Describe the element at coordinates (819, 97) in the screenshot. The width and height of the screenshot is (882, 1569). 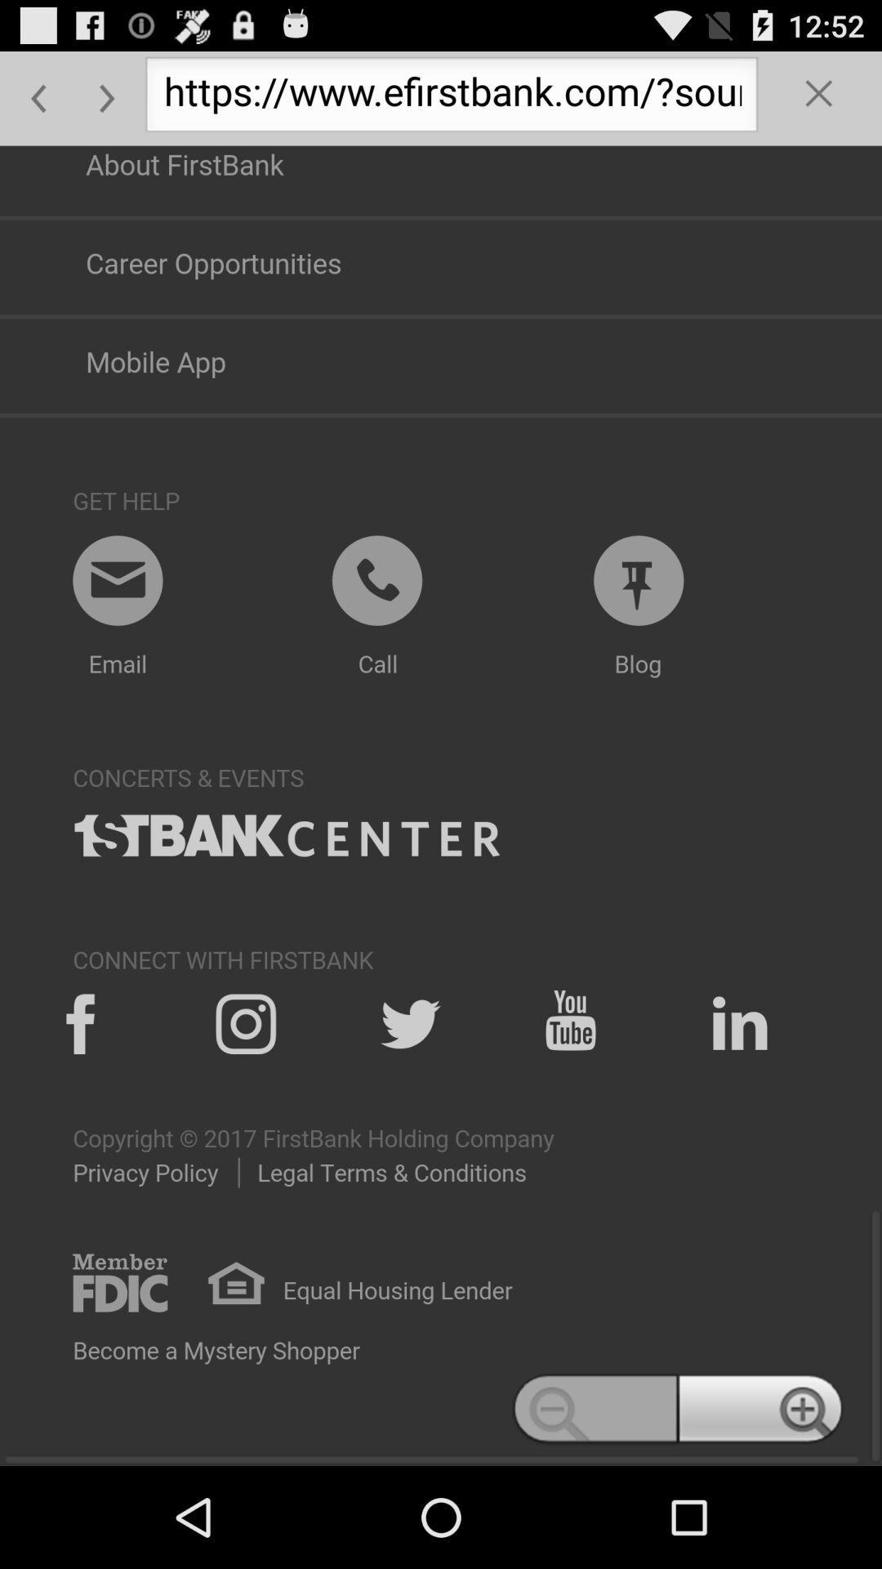
I see `search off to the address bar` at that location.